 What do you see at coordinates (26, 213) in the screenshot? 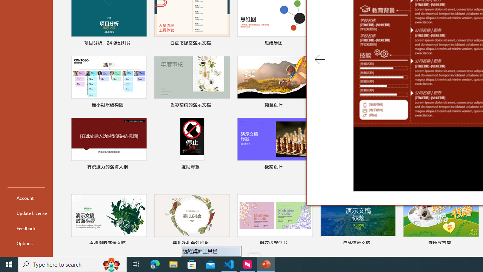
I see `'Update License'` at bounding box center [26, 213].